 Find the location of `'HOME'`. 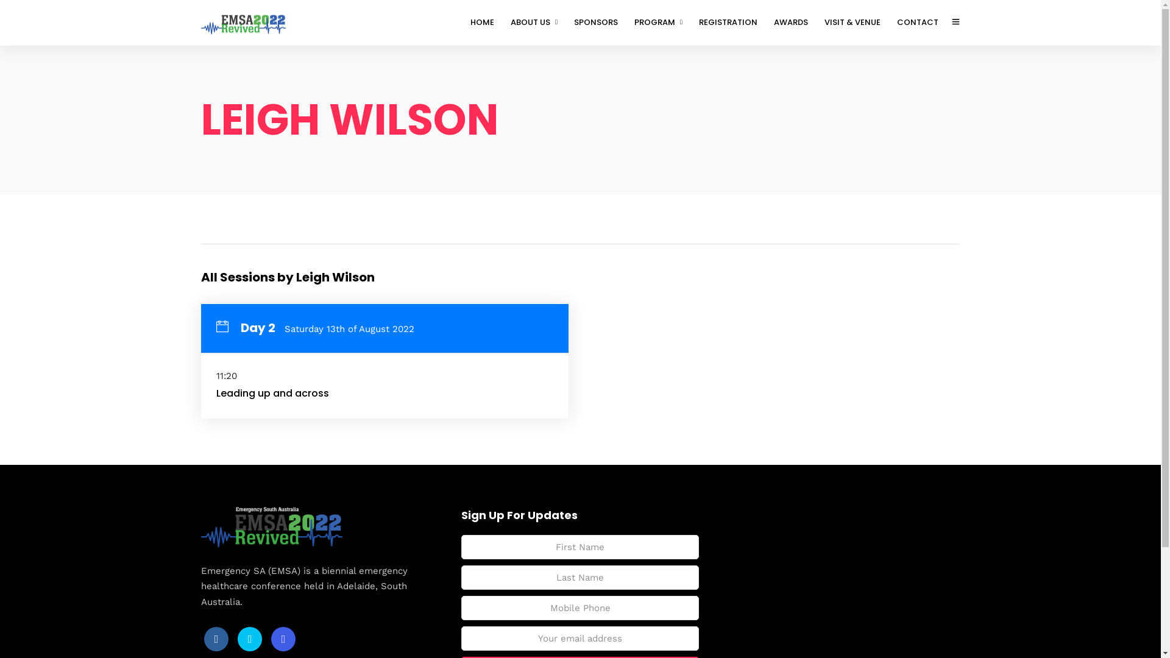

'HOME' is located at coordinates (487, 23).